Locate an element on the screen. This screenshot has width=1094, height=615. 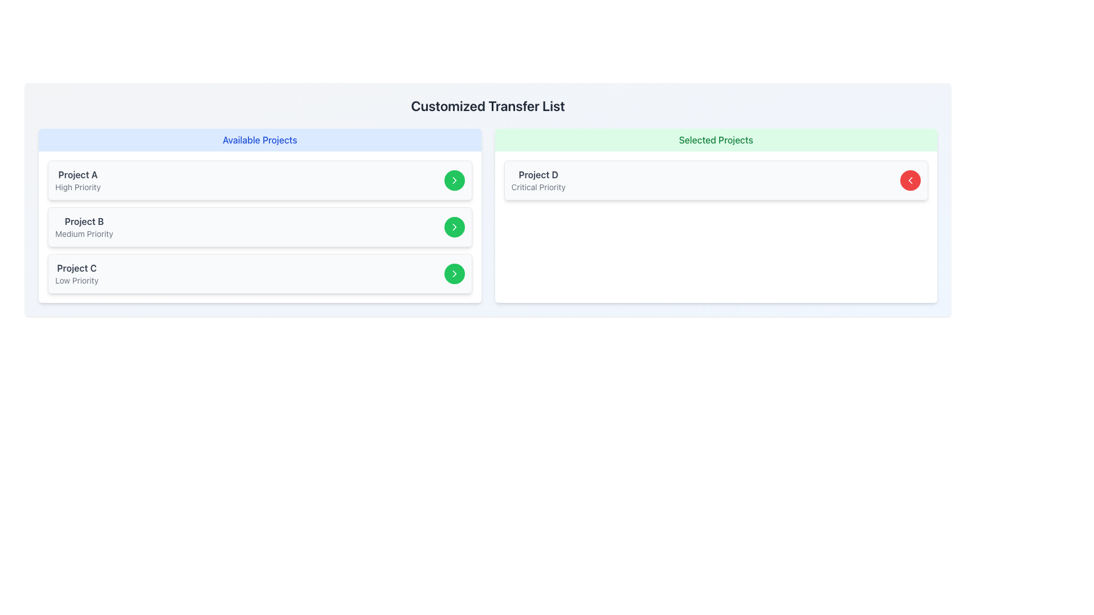
the 'Available Projects' Text Label element, which has a light blue background and bold blue font, located at the top of the left section of the interface is located at coordinates (259, 140).